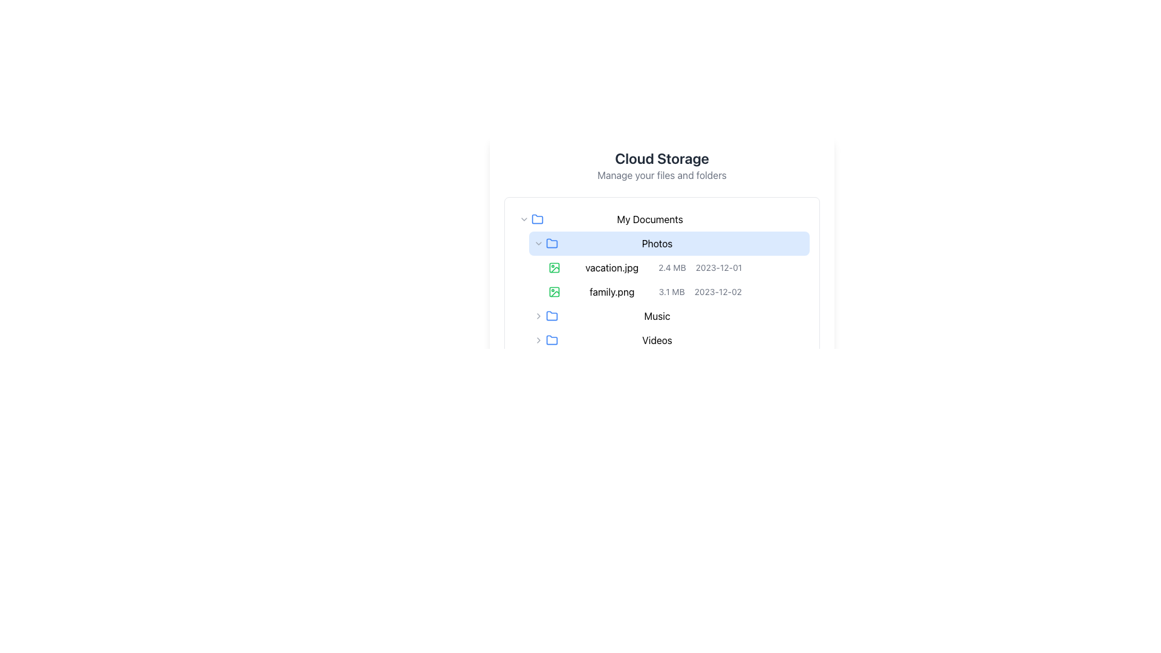 The height and width of the screenshot is (653, 1161). Describe the element at coordinates (649, 219) in the screenshot. I see `the 'My Documents' label in the Cloud Storage interface` at that location.